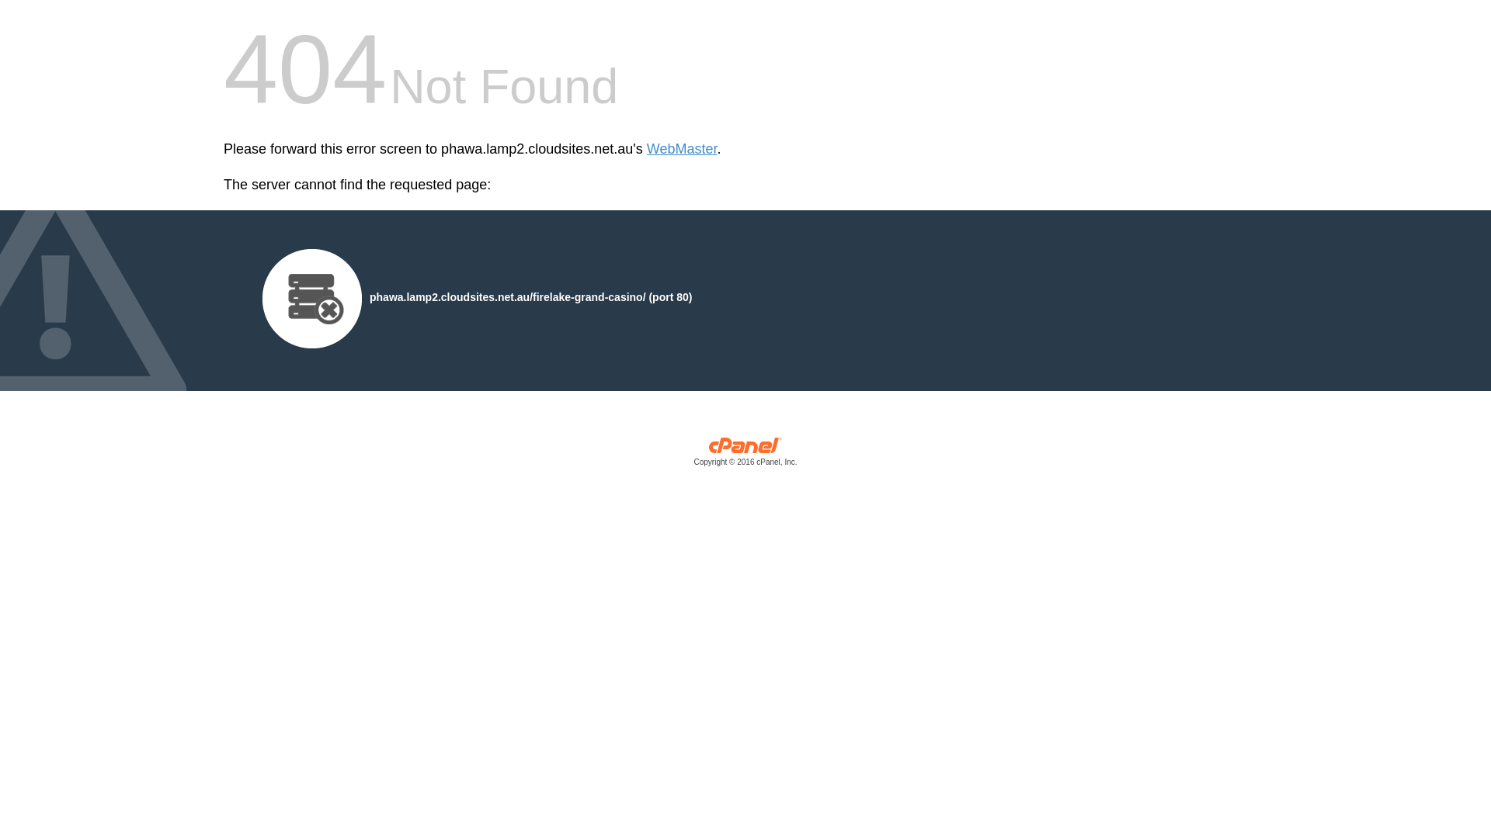 The width and height of the screenshot is (1491, 838). I want to click on 'WebMaster', so click(647, 149).